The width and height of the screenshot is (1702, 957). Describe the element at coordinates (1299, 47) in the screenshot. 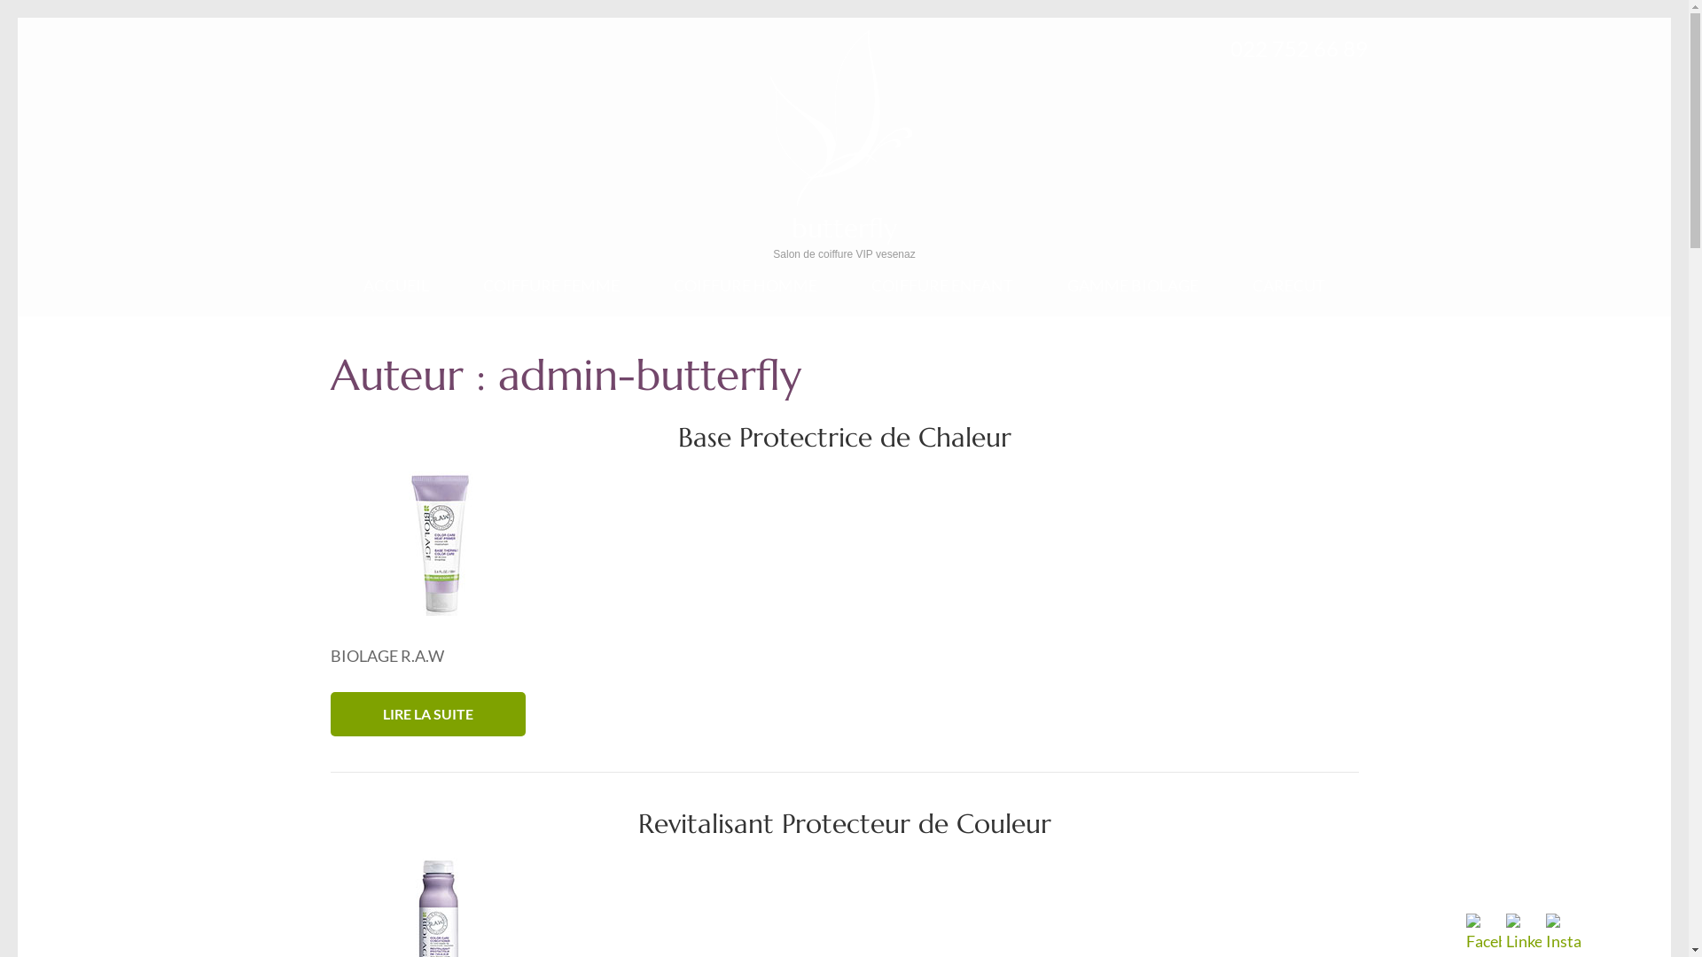

I see `'022 752 66 89'` at that location.